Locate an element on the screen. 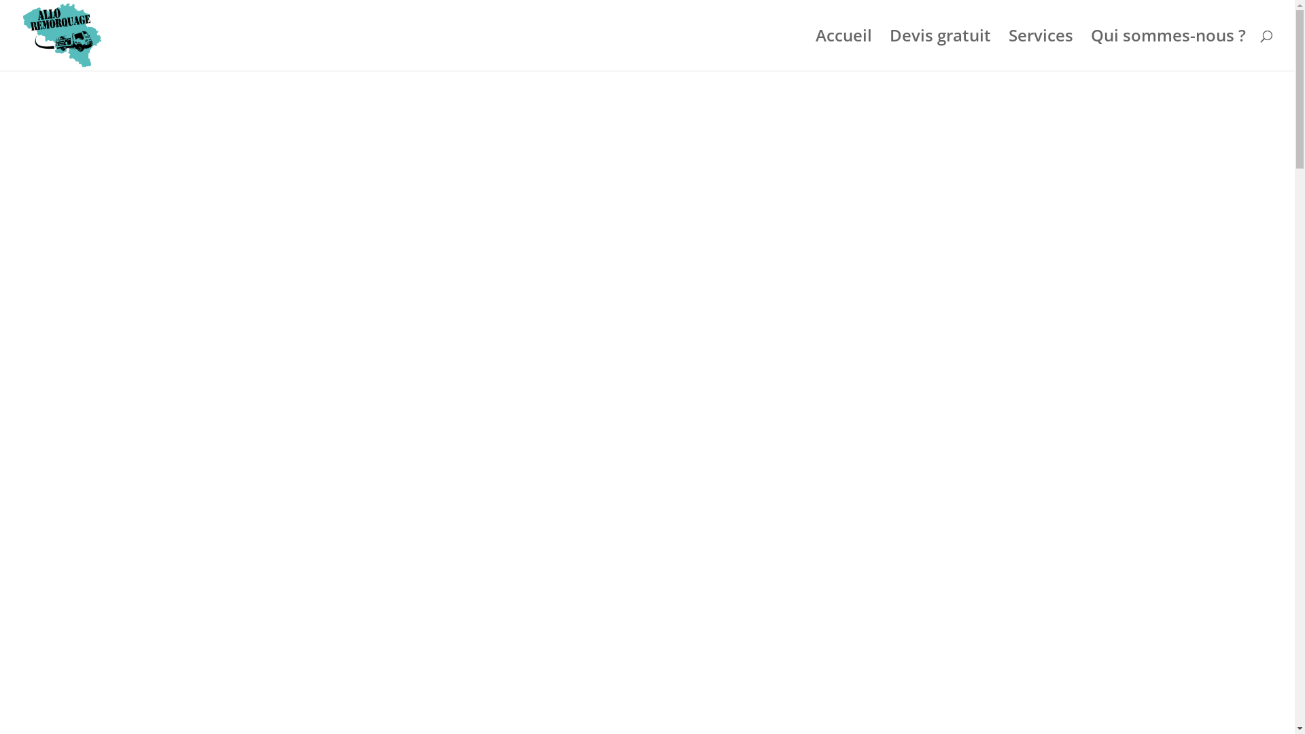 The height and width of the screenshot is (734, 1305). 'Devis gratuit' is located at coordinates (890, 50).